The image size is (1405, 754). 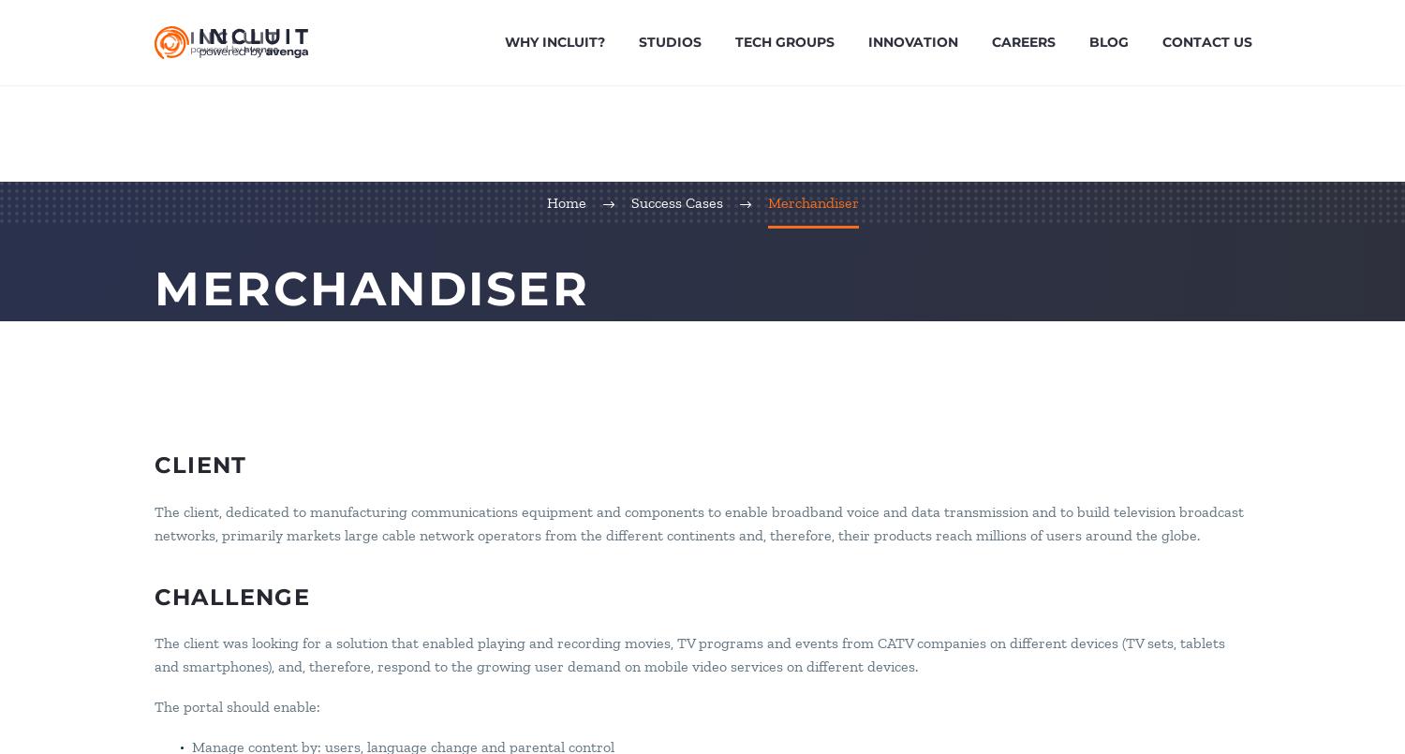 What do you see at coordinates (1088, 41) in the screenshot?
I see `'Blog'` at bounding box center [1088, 41].